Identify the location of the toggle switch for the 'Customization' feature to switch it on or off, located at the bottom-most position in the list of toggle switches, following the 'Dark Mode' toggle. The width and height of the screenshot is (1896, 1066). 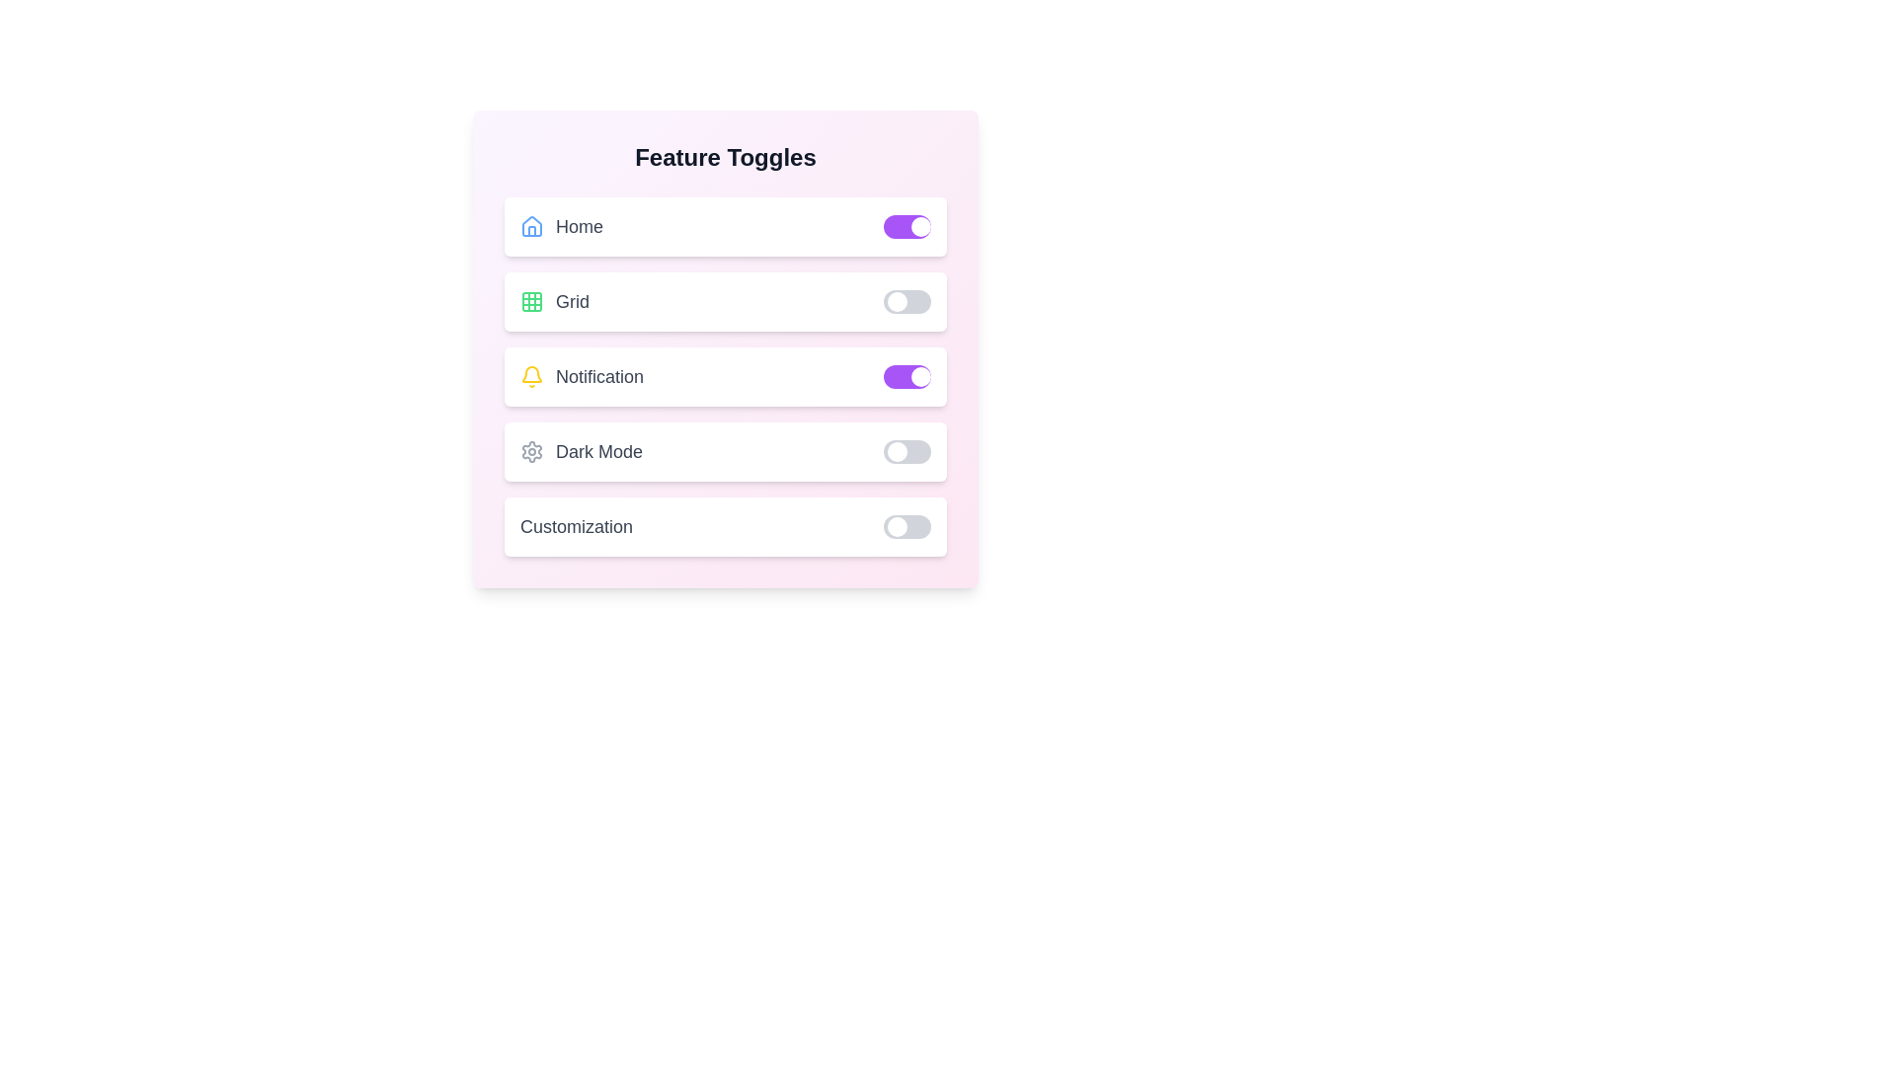
(724, 525).